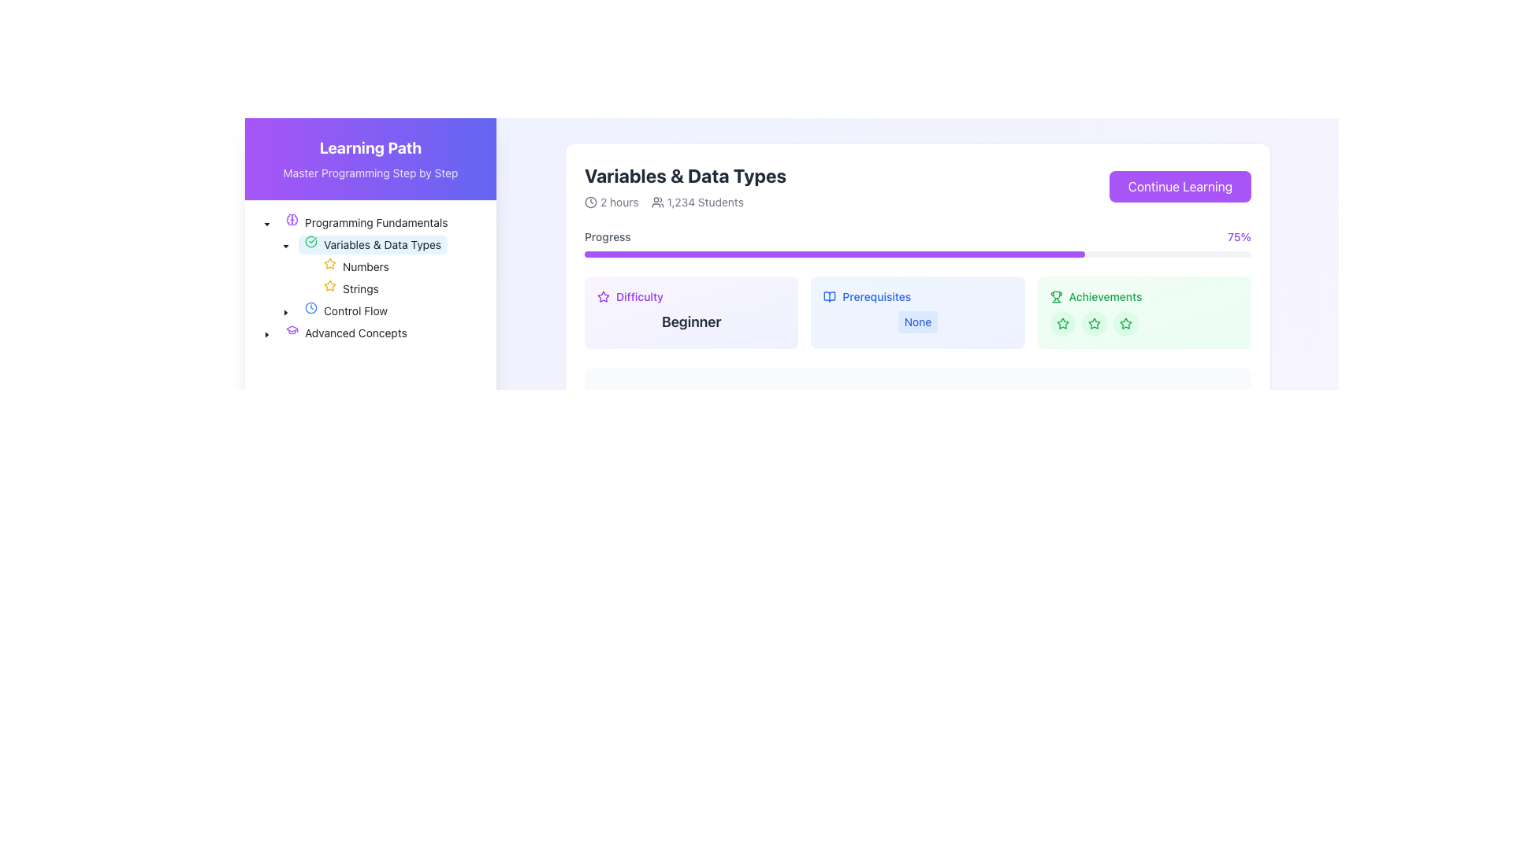 The width and height of the screenshot is (1513, 851). I want to click on static text label indicating the difficulty level of the task, which is located below a smaller 'Difficulty' label in the right half of the card, so click(691, 321).